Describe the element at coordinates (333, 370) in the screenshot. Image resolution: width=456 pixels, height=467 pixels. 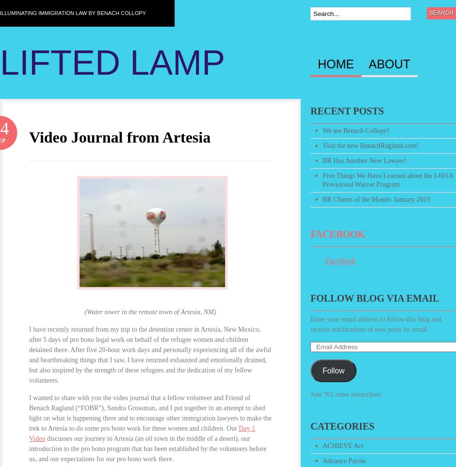
I see `'Follow'` at that location.